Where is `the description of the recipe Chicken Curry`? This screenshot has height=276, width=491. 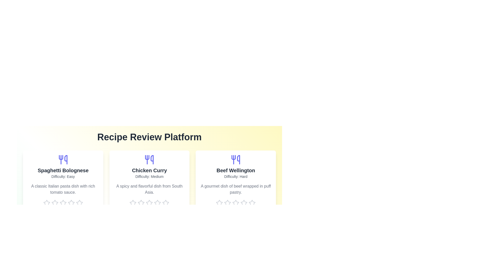 the description of the recipe Chicken Curry is located at coordinates (149, 189).